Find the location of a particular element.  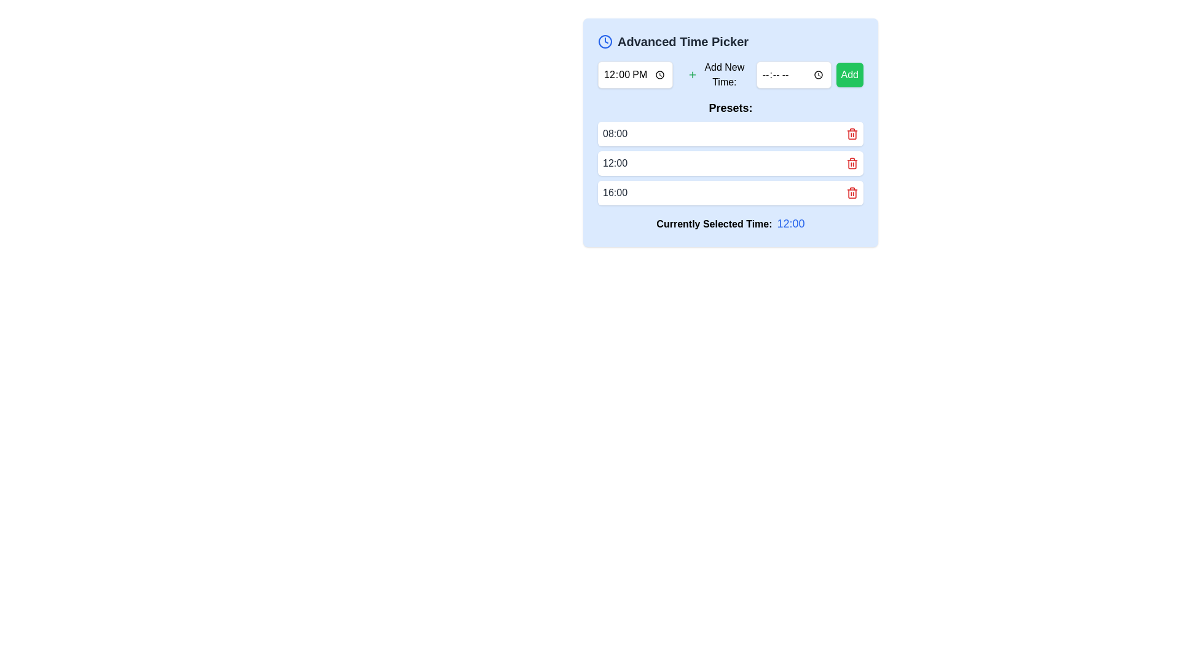

the 'Add' button in the grouped component labeled 'Add New Time: Add' is located at coordinates (774, 75).